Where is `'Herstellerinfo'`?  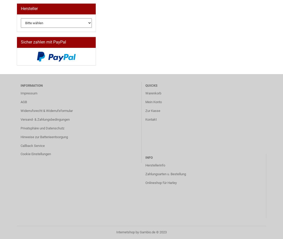
'Herstellerinfo' is located at coordinates (145, 165).